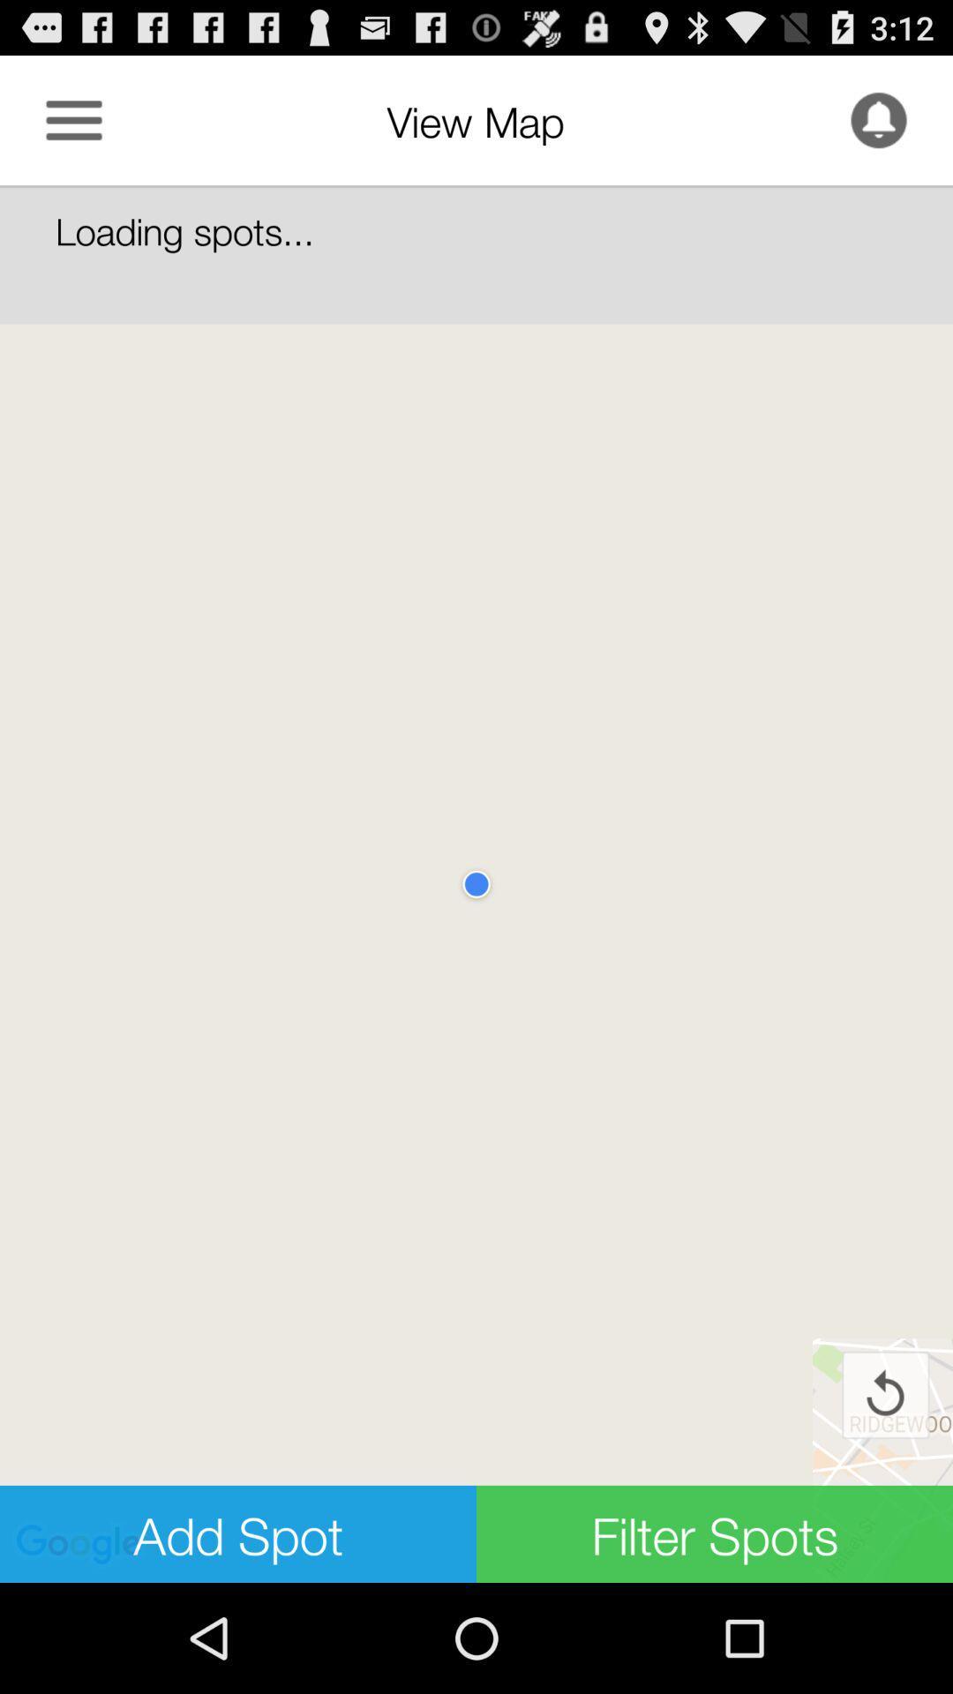  What do you see at coordinates (73, 128) in the screenshot?
I see `the menu icon` at bounding box center [73, 128].